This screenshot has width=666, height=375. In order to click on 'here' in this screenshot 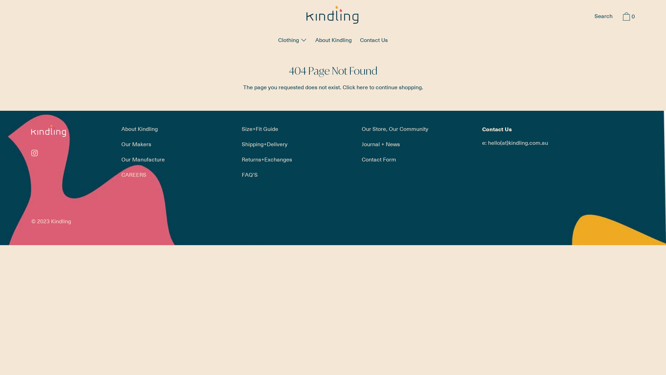, I will do `click(362, 86)`.